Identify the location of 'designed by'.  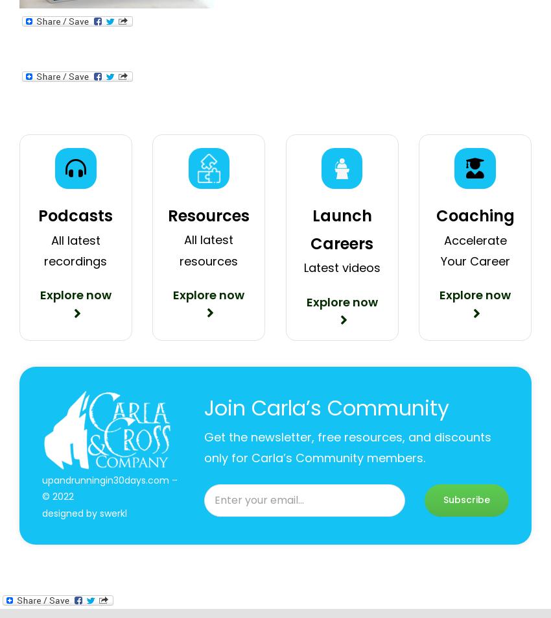
(69, 512).